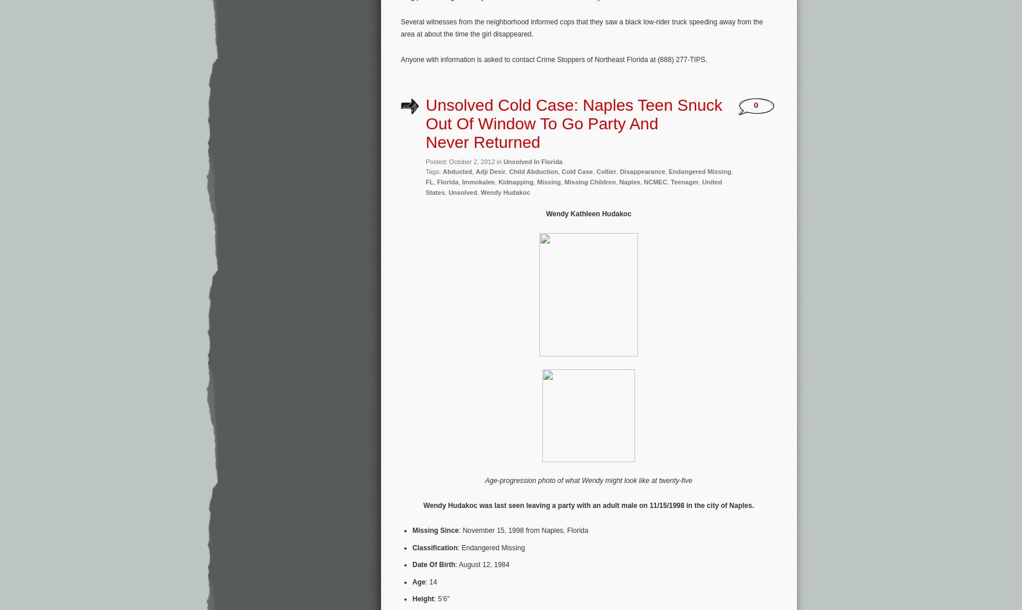 This screenshot has height=610, width=1022. What do you see at coordinates (434, 529) in the screenshot?
I see `'Missing Since'` at bounding box center [434, 529].